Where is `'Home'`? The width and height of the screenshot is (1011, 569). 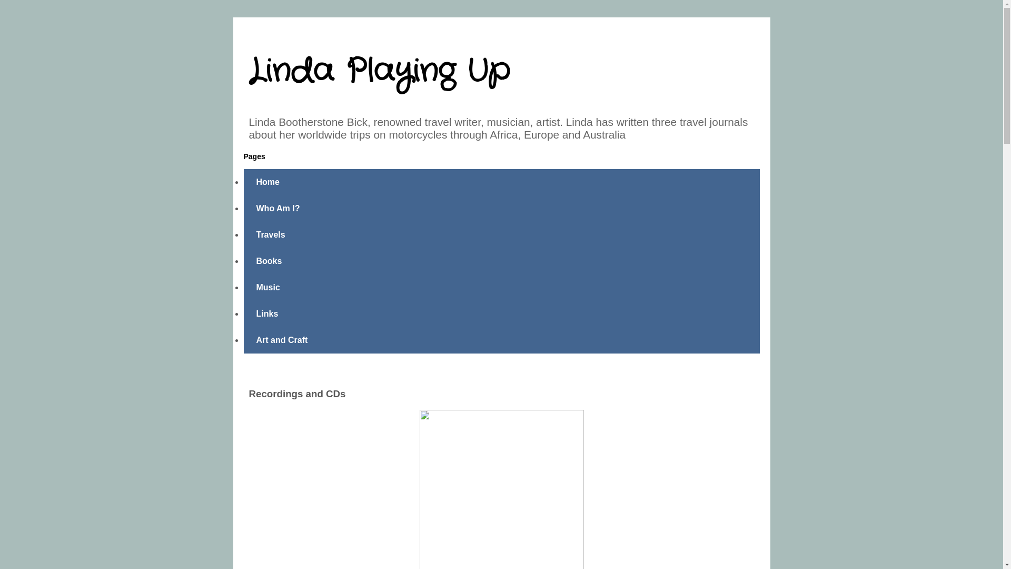
'Home' is located at coordinates (242, 182).